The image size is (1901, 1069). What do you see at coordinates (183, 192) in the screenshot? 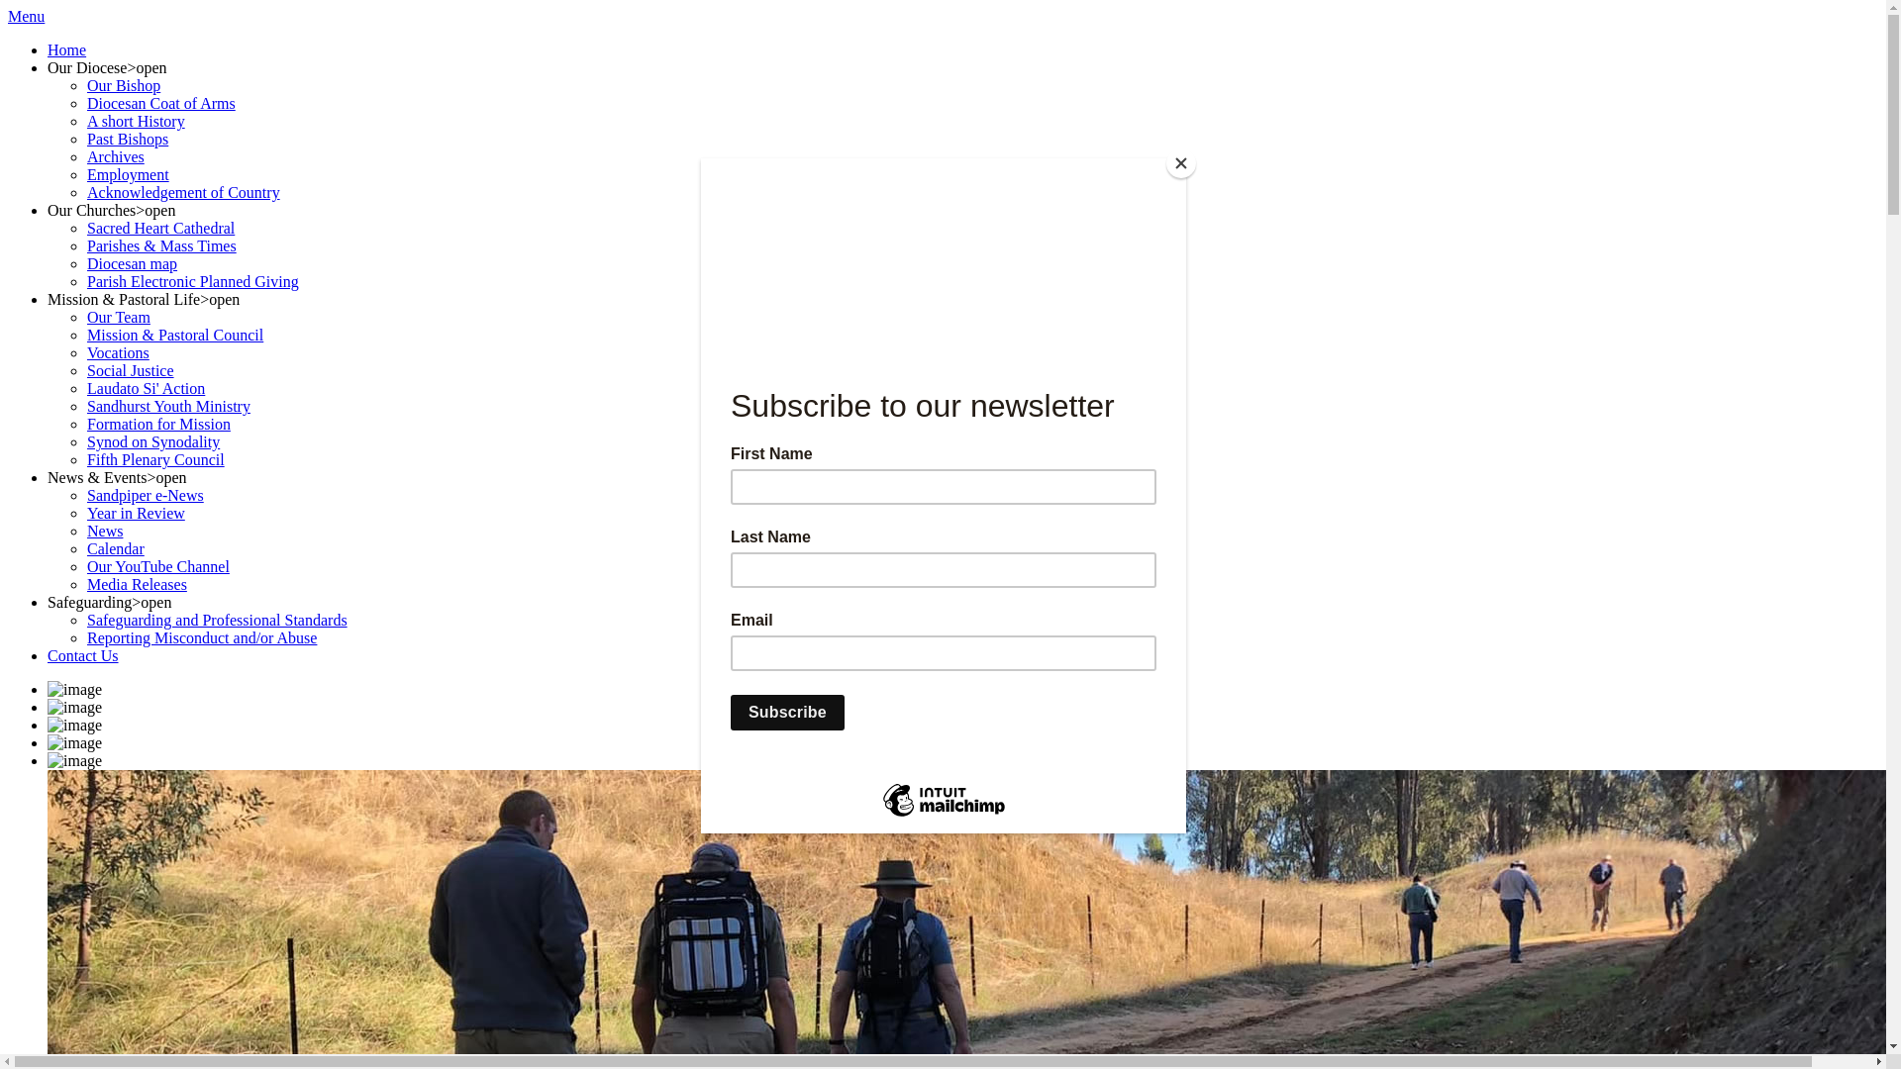
I see `'Acknowledgement of Country'` at bounding box center [183, 192].